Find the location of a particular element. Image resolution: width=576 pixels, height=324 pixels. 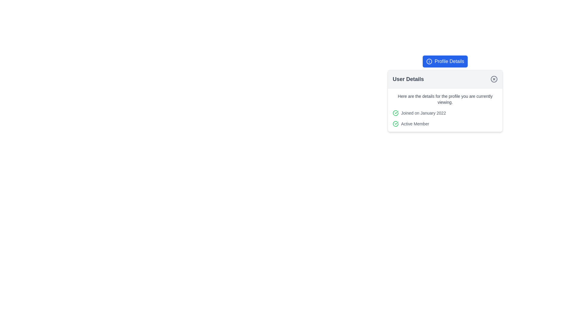

the 'Profile Details' button, which has a blue background and white text with an 'i' icon is located at coordinates (445, 61).